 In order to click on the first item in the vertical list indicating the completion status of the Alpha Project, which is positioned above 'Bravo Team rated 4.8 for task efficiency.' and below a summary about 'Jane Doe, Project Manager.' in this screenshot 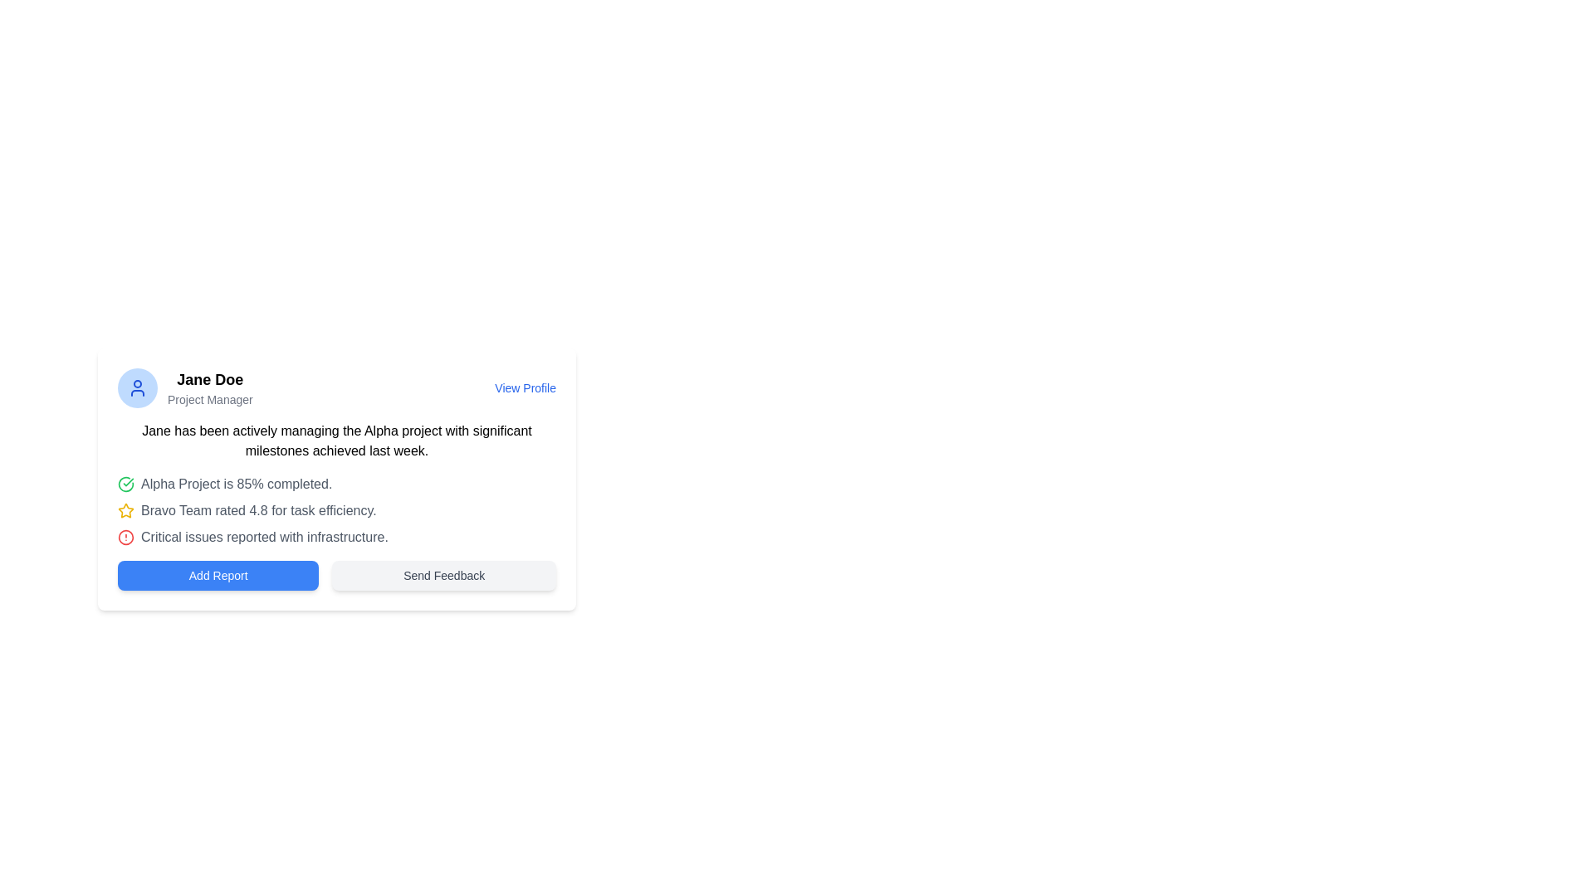, I will do `click(336, 484)`.